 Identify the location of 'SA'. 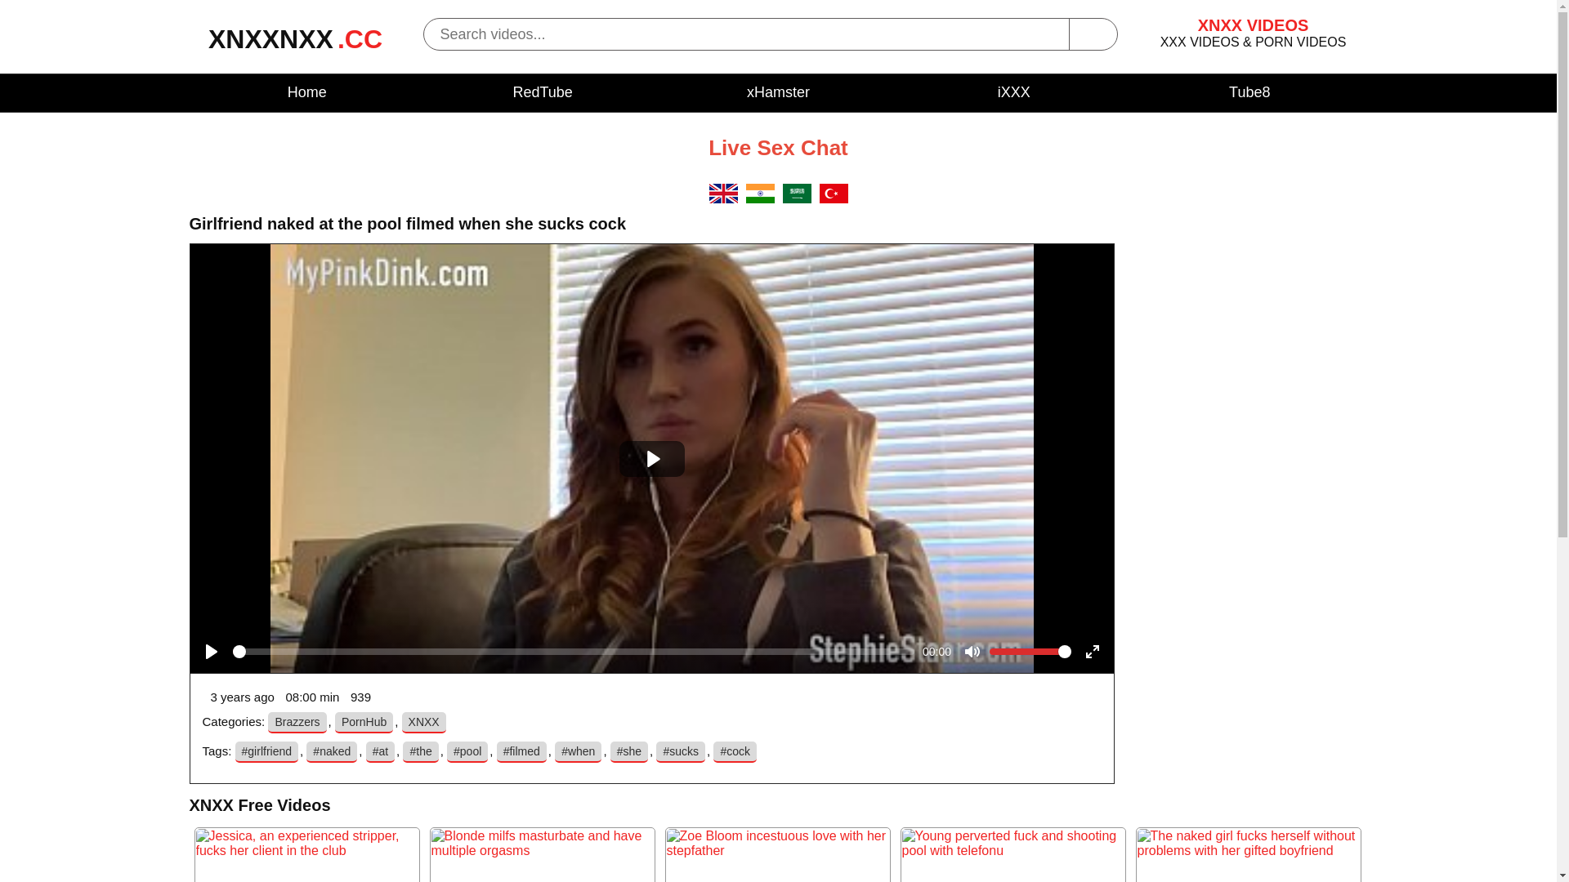
(797, 198).